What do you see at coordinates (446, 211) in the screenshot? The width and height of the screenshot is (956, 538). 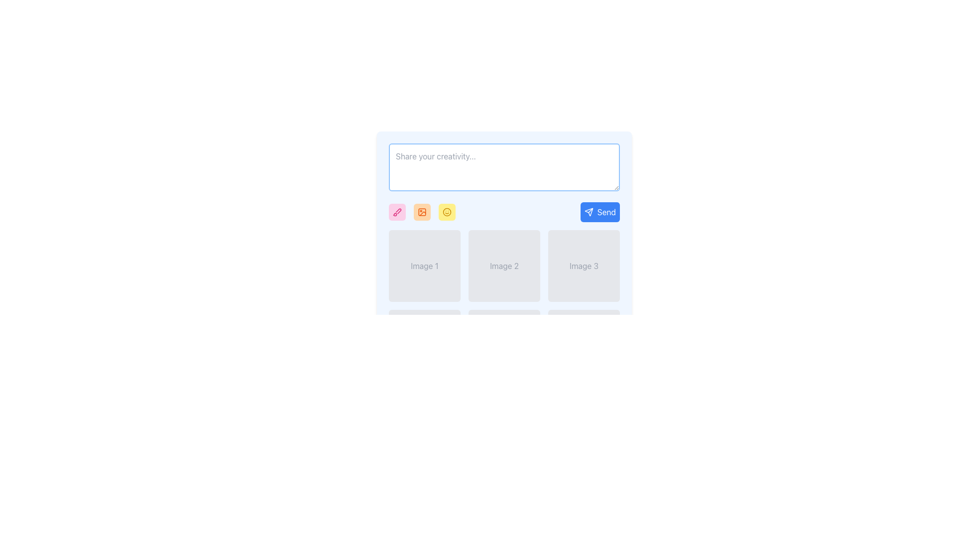 I see `the yellow circular icon button with a smiley face, located in the third button of a row of four buttons below the text input field labeled 'Share your creativity...', to navigate` at bounding box center [446, 211].